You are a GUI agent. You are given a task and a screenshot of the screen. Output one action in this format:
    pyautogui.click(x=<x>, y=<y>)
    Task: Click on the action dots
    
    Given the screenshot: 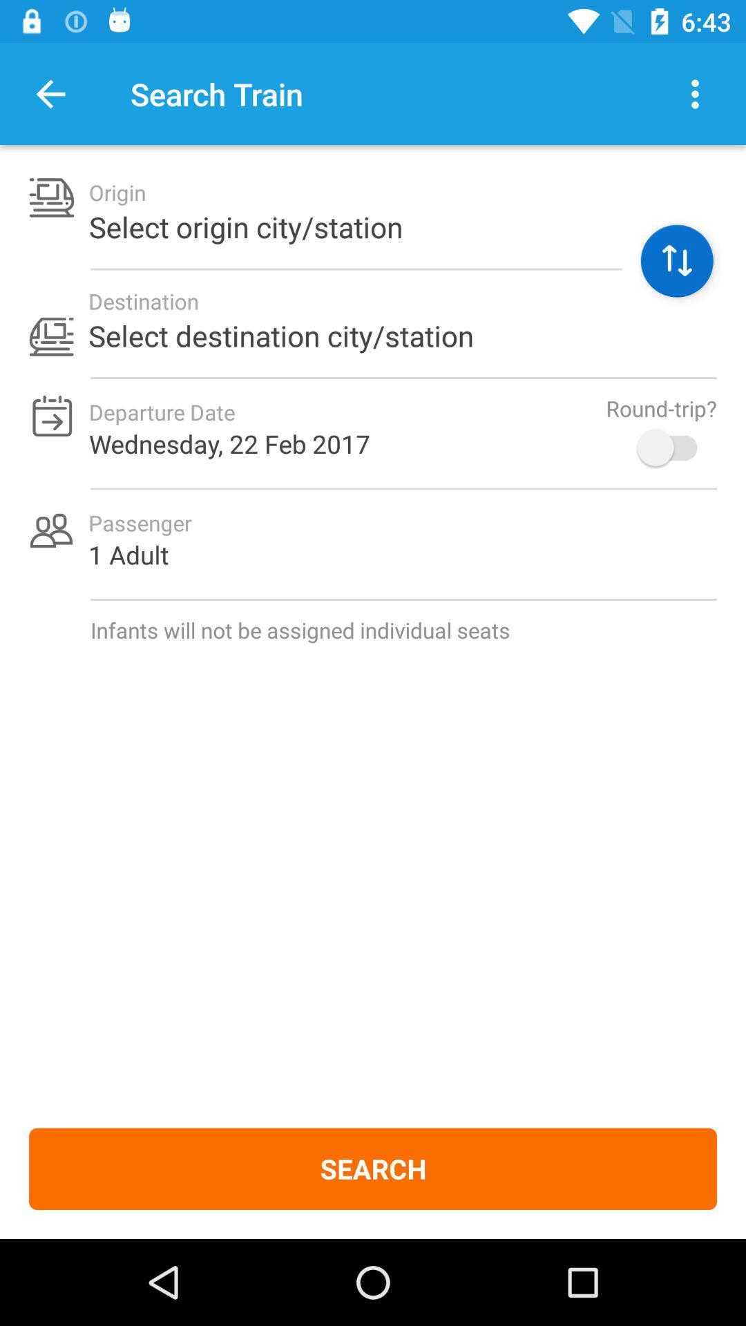 What is the action you would take?
    pyautogui.click(x=695, y=93)
    